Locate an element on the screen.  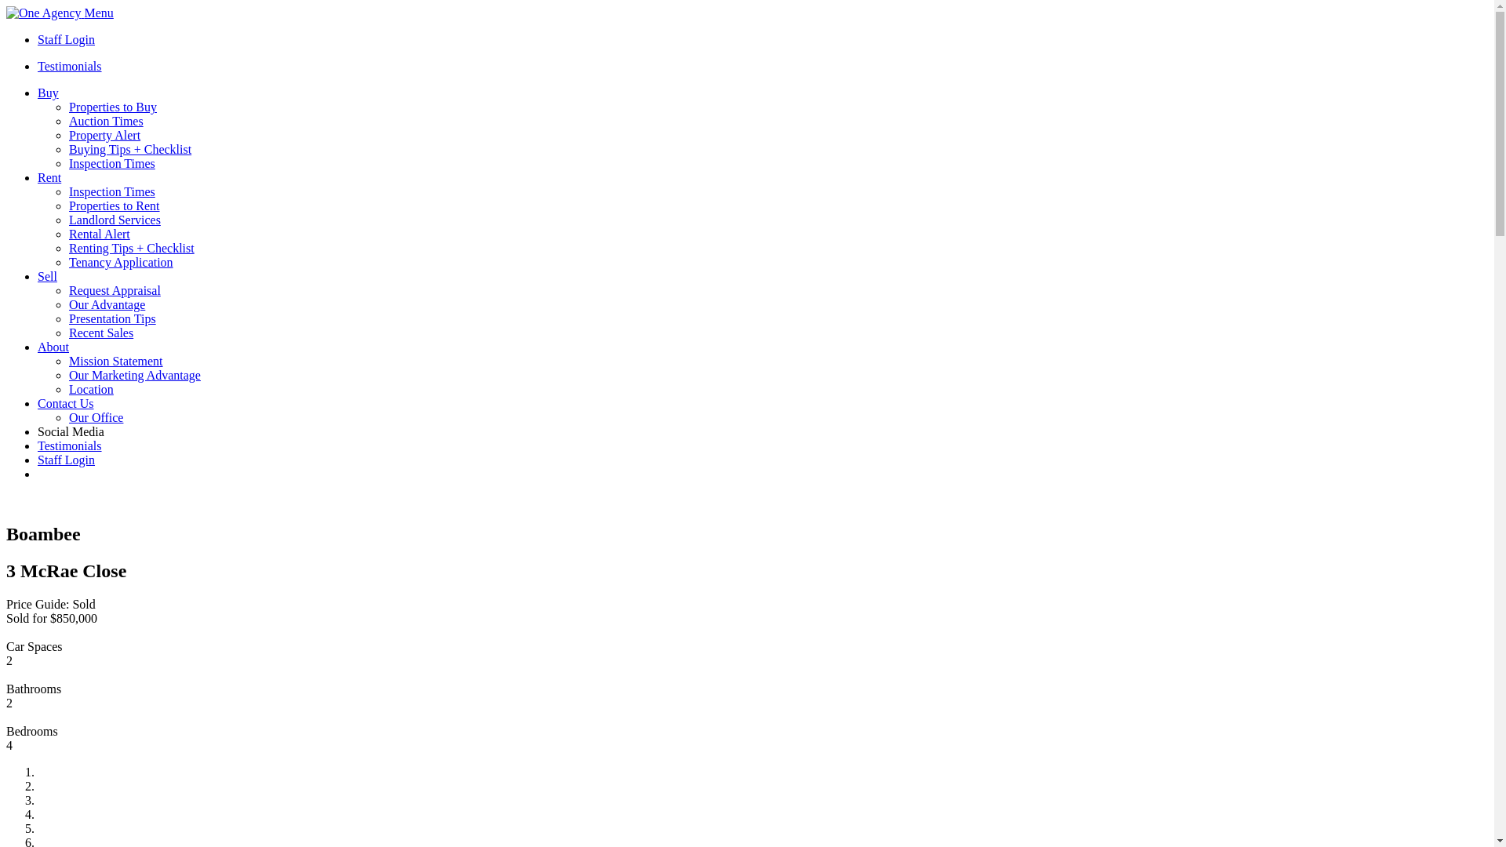
'Properties to Buy' is located at coordinates (67, 106).